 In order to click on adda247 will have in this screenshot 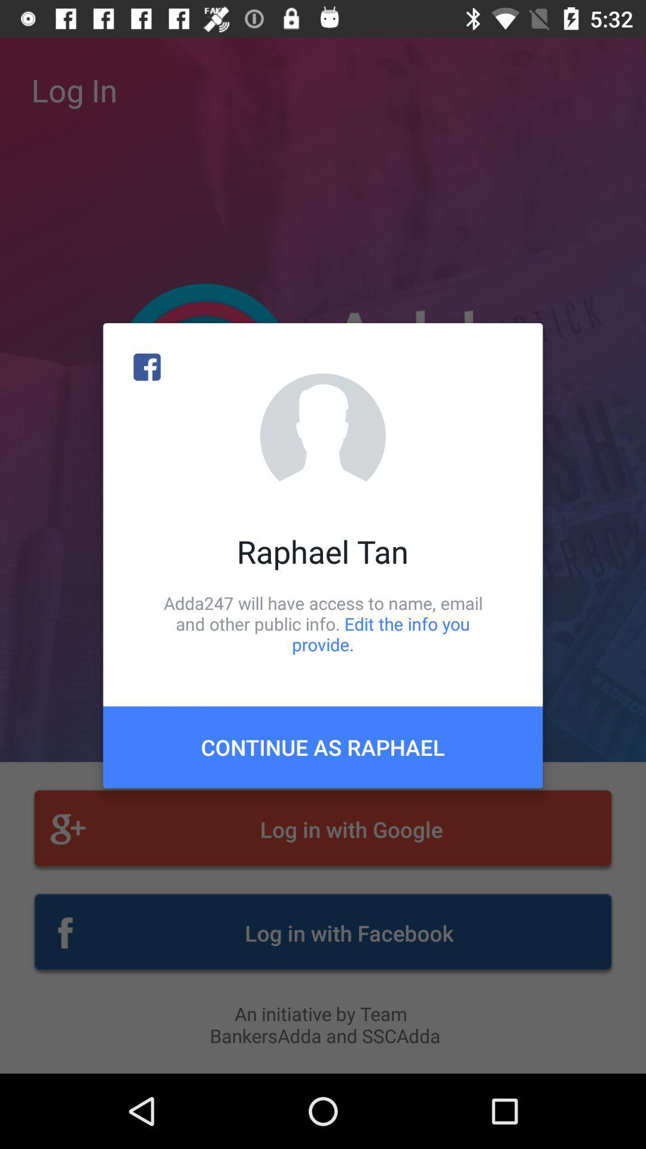, I will do `click(323, 623)`.